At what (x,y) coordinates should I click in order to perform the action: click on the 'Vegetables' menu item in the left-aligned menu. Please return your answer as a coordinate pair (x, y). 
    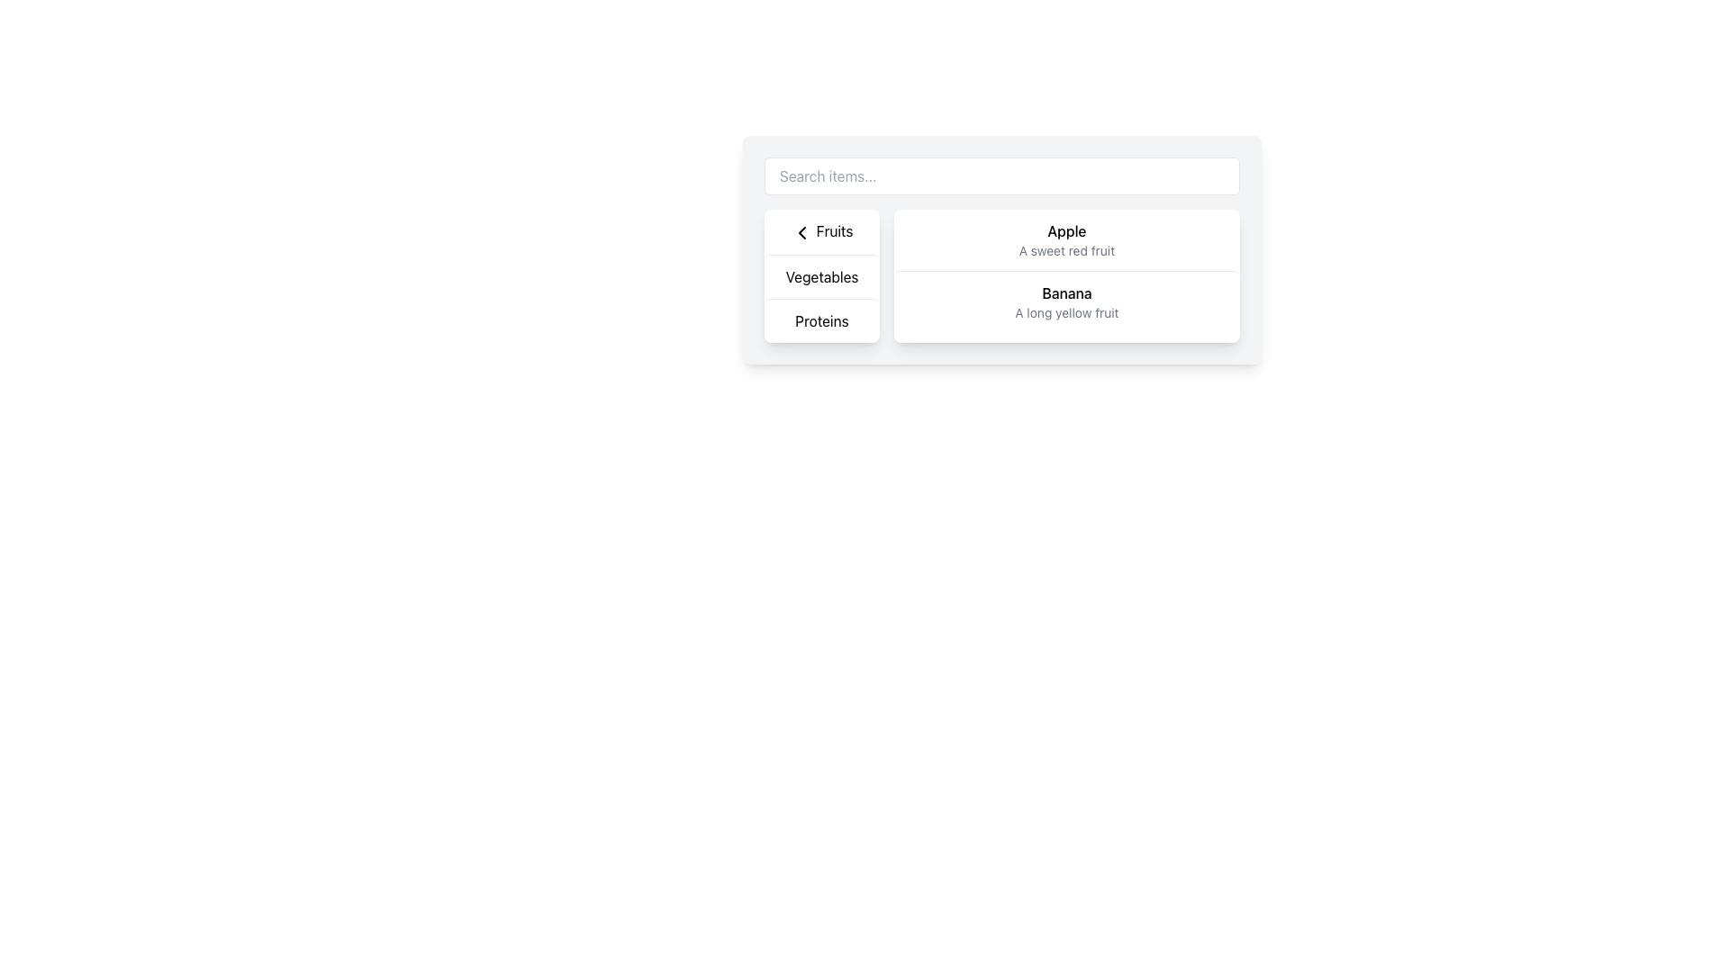
    Looking at the image, I should click on (820, 276).